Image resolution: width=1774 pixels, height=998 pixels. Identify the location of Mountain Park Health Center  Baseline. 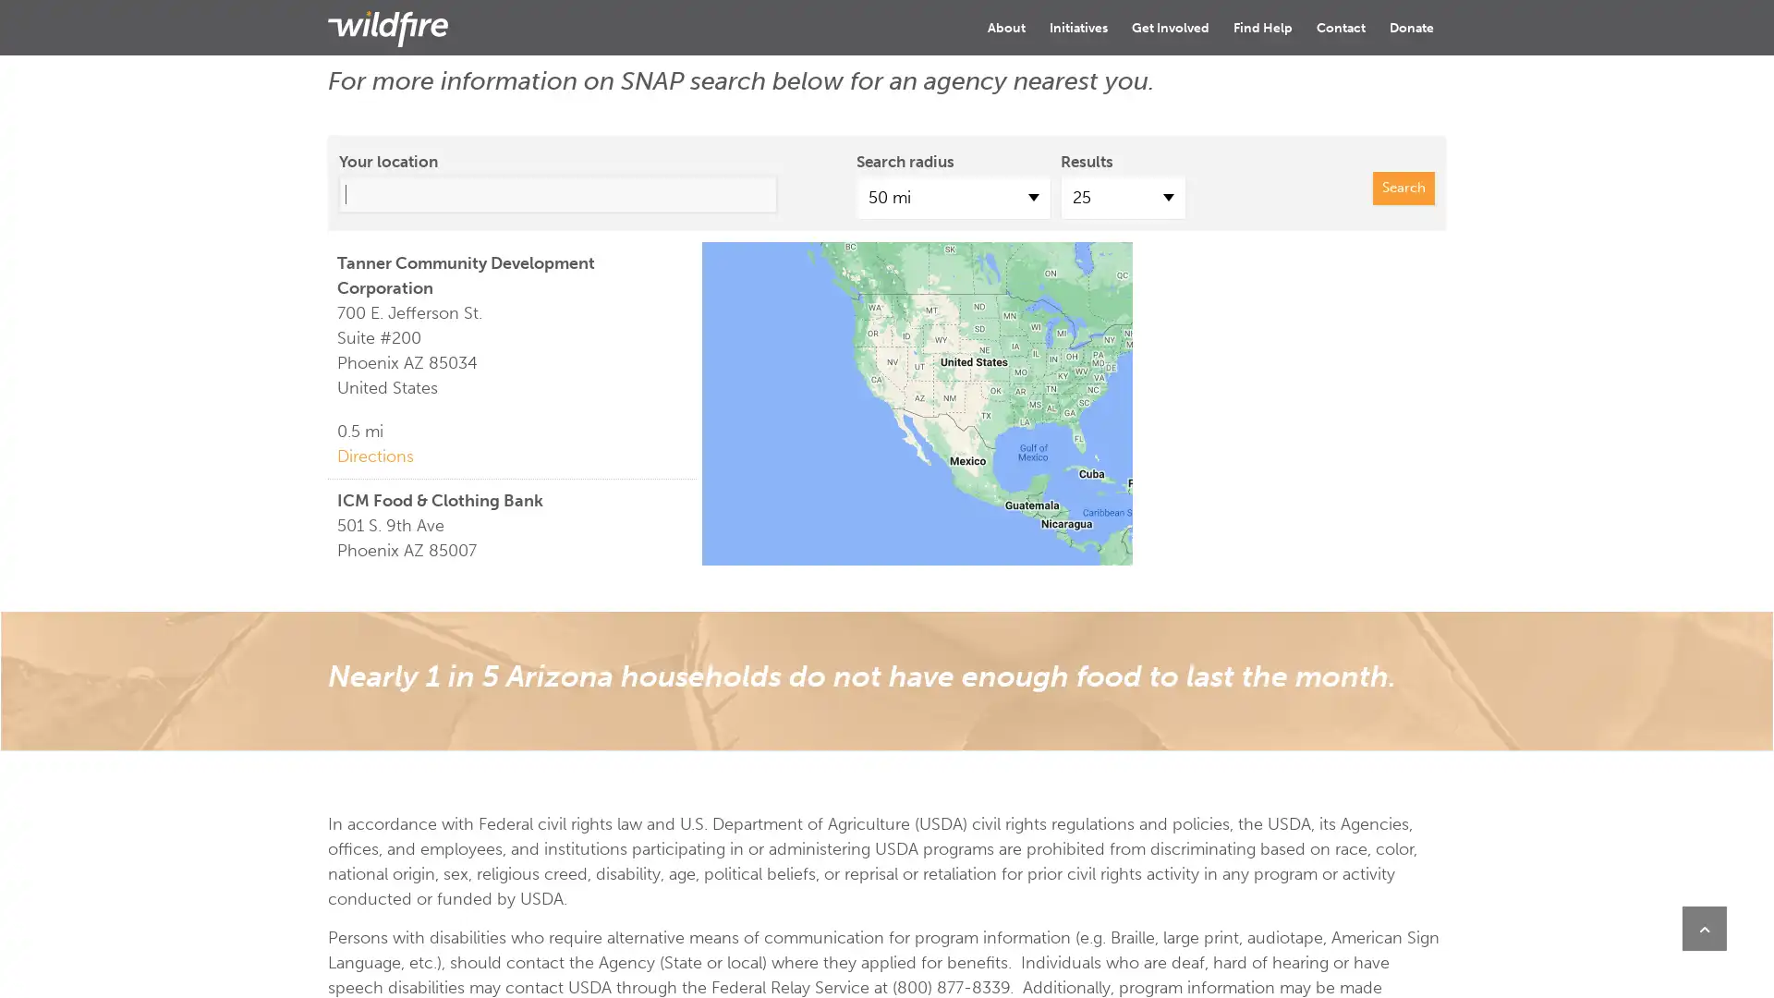
(1069, 449).